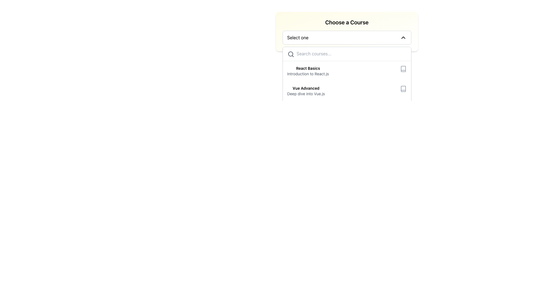 This screenshot has width=533, height=299. Describe the element at coordinates (308, 71) in the screenshot. I see `the first list item for course selection titled 'React Basics' in the 'Choose a Course' dropdown menu` at that location.